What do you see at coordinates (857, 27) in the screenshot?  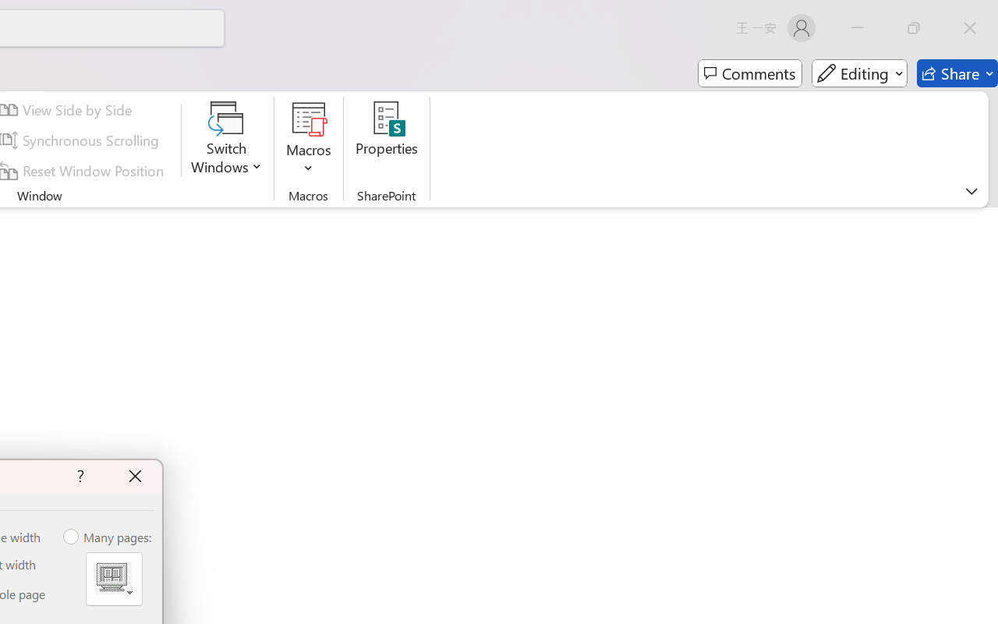 I see `'Minimize'` at bounding box center [857, 27].